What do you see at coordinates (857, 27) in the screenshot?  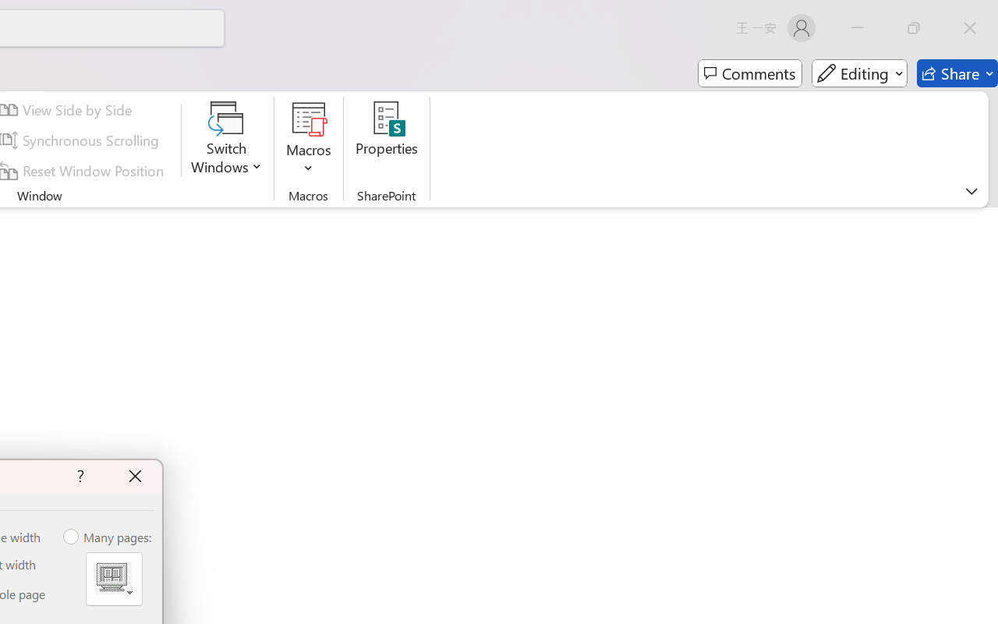 I see `'Minimize'` at bounding box center [857, 27].